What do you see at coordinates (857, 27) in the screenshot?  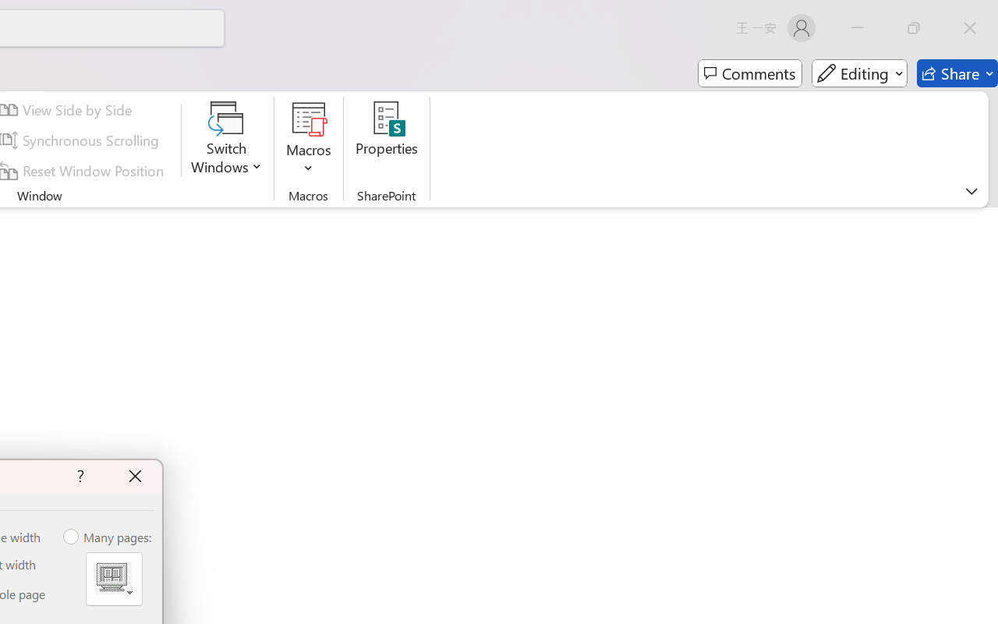 I see `'Minimize'` at bounding box center [857, 27].